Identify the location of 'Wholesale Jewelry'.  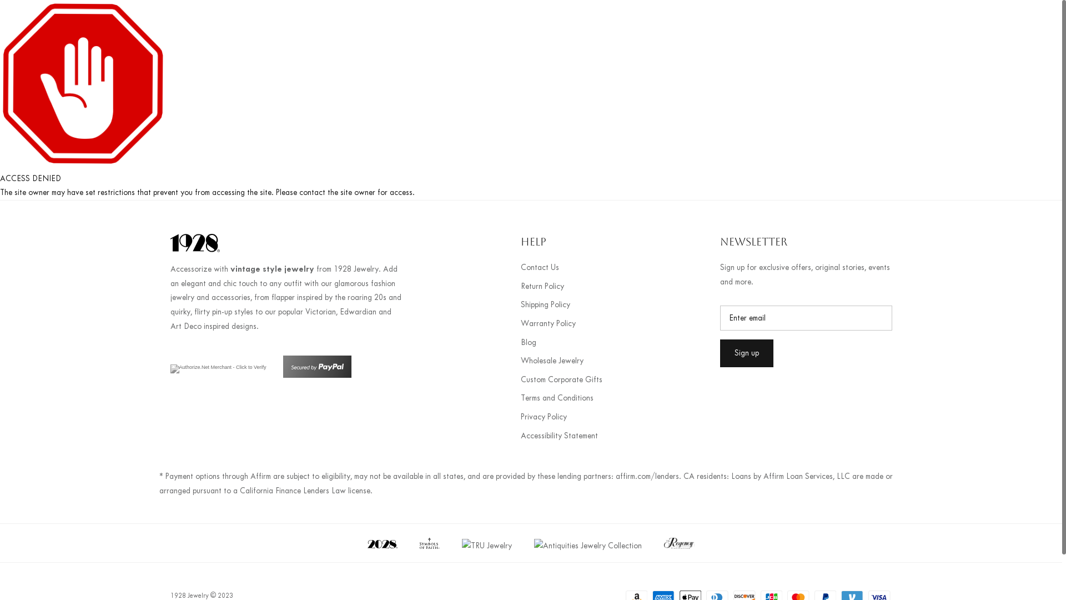
(552, 361).